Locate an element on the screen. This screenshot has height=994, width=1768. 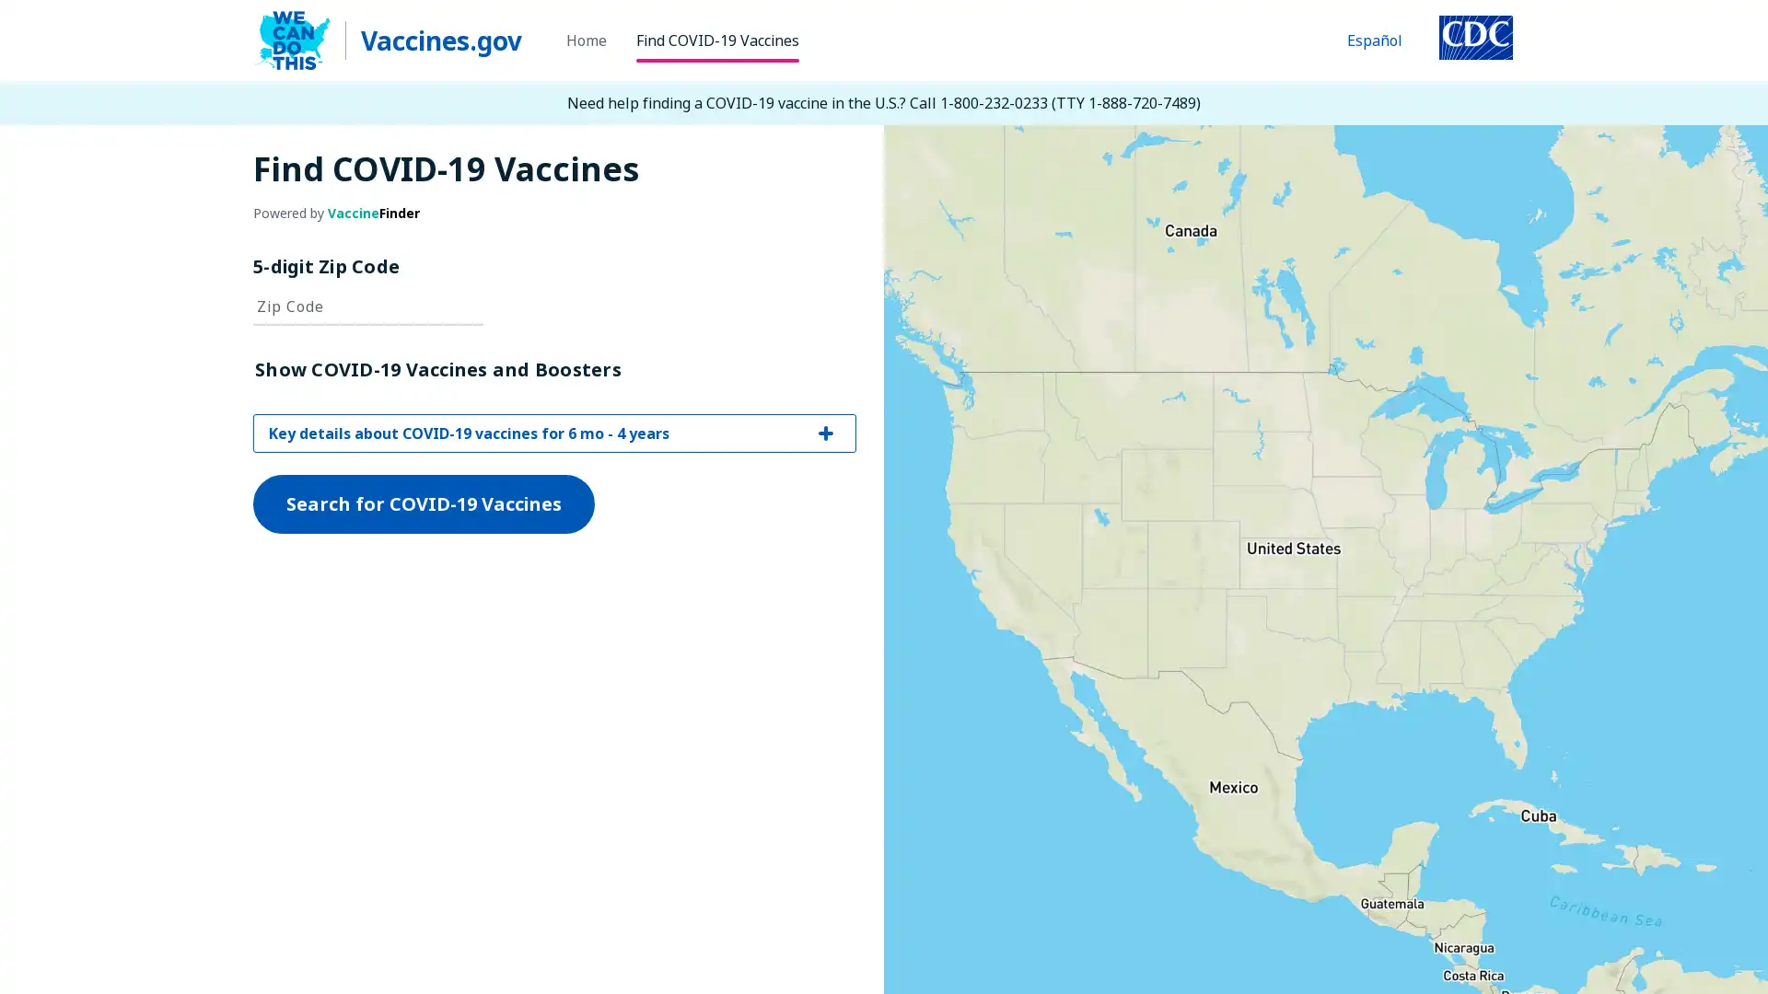
Key details about COVID-19 vaccines for 6 mo - 4 years is located at coordinates (553, 624).